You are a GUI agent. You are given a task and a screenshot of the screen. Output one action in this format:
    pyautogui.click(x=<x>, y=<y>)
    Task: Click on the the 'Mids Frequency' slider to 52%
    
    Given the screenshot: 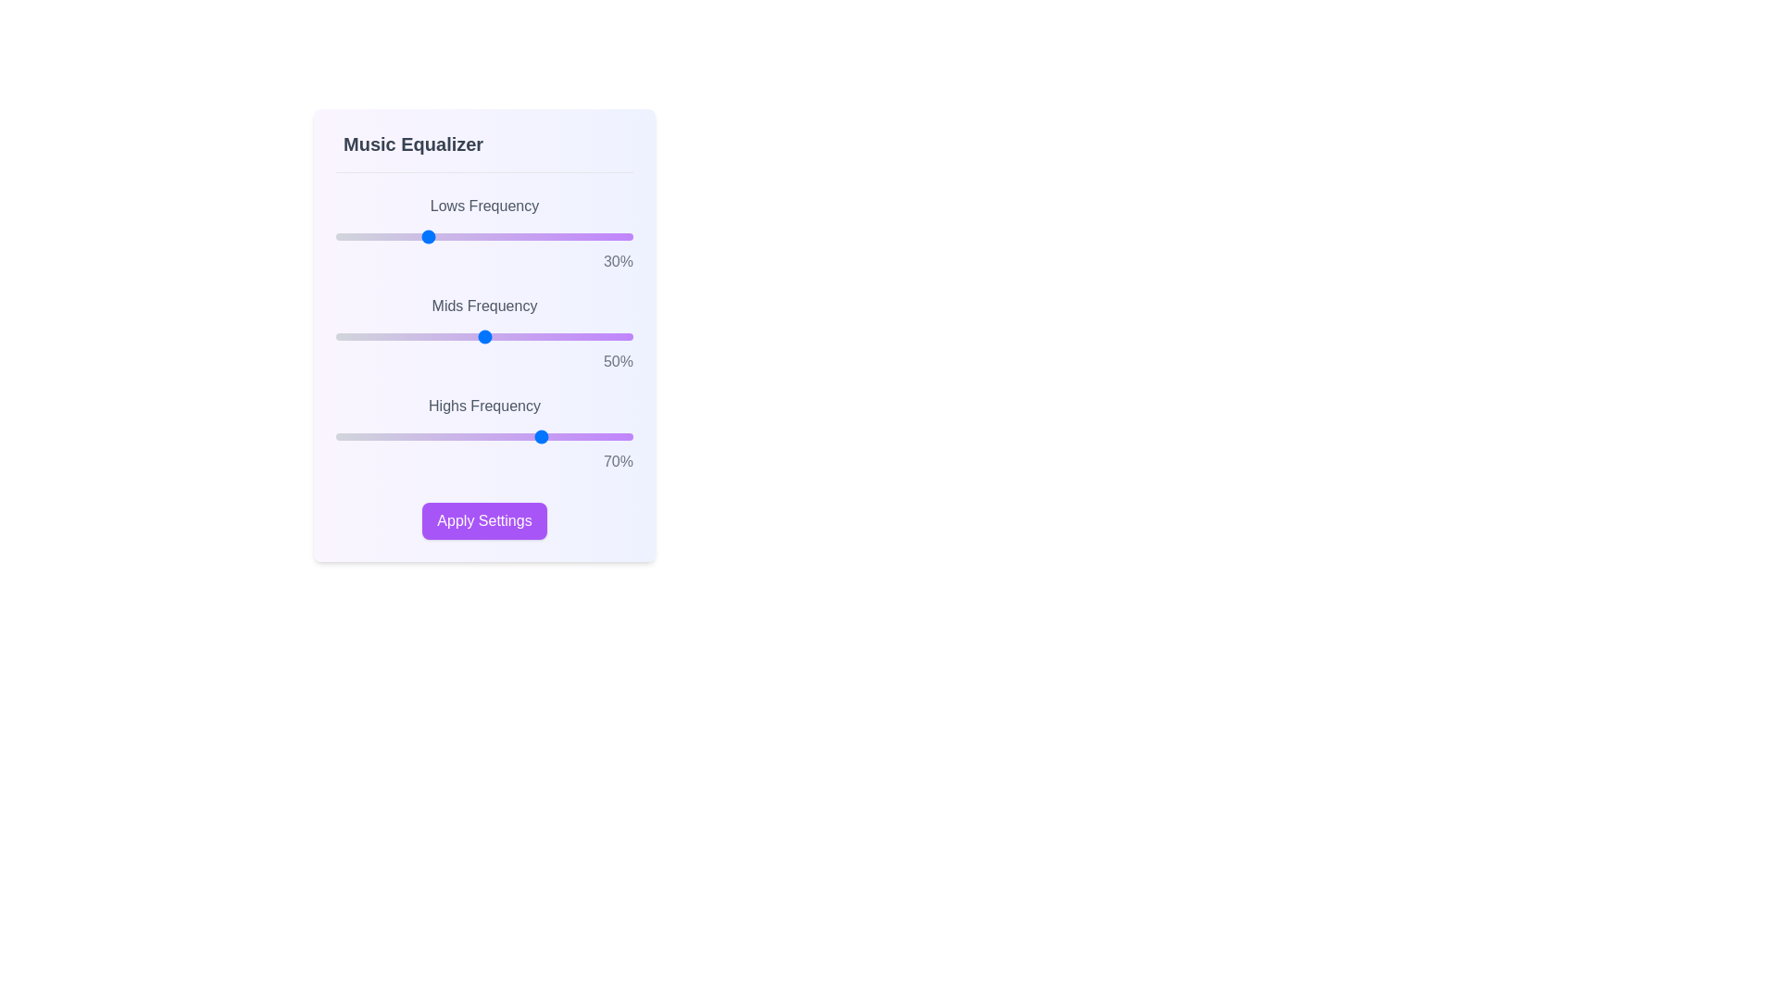 What is the action you would take?
    pyautogui.click(x=490, y=336)
    